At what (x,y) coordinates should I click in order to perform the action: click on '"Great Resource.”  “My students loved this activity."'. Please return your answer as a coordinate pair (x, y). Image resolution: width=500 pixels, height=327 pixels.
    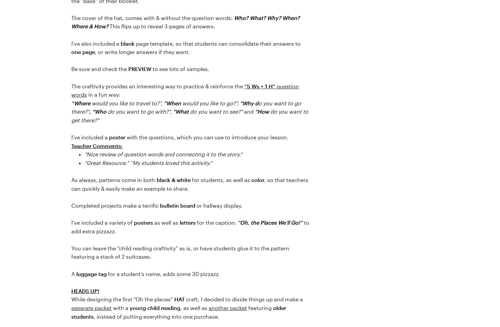
    Looking at the image, I should click on (148, 162).